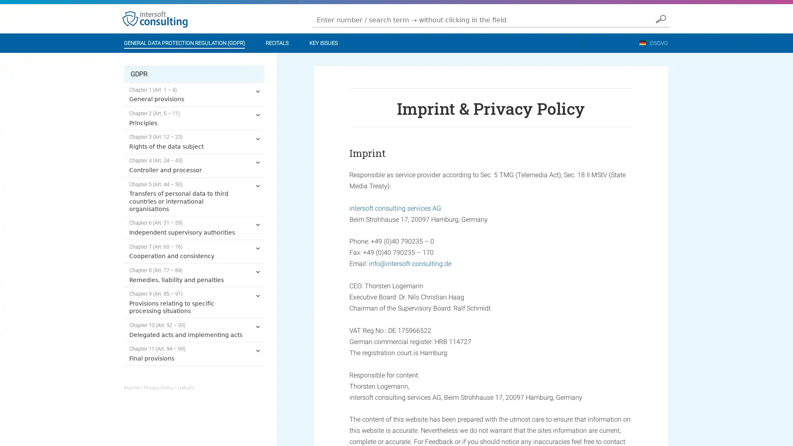 The height and width of the screenshot is (446, 793). Describe the element at coordinates (257, 318) in the screenshot. I see `expand child menu` at that location.